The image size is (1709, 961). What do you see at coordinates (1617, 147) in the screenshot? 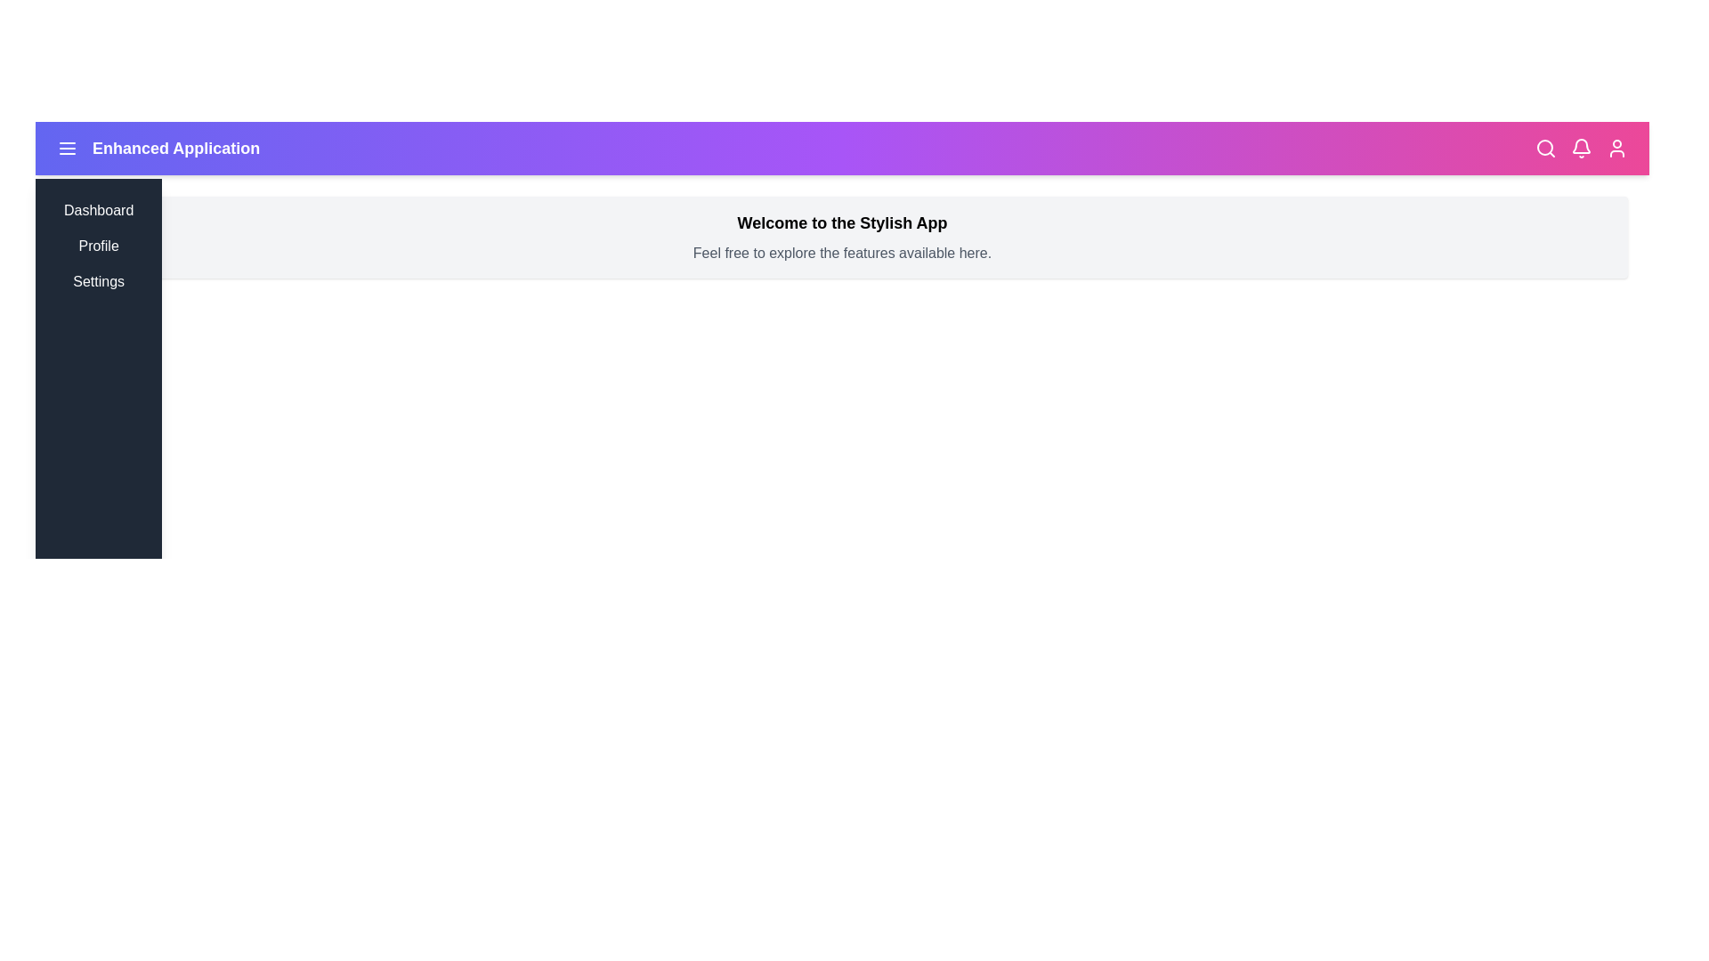
I see `the user profile icon in the top-right corner of the app bar` at bounding box center [1617, 147].